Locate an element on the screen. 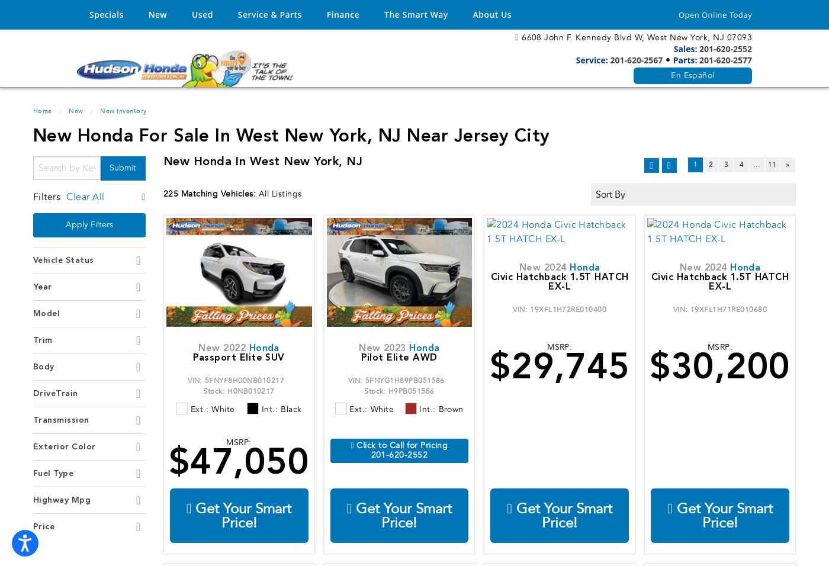 The height and width of the screenshot is (566, 829). 'Finance' is located at coordinates (343, 14).